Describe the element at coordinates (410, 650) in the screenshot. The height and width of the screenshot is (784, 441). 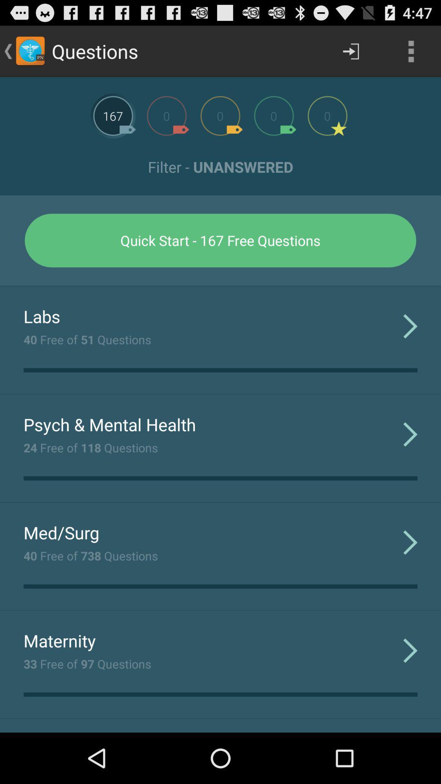
I see `the app to the right of the 33 free of item` at that location.